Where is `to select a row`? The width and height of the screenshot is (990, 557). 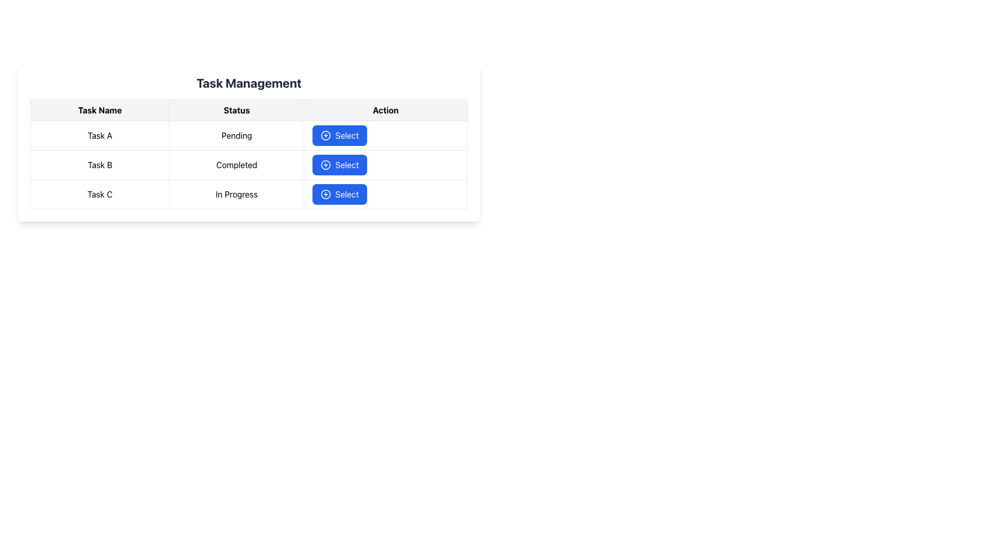
to select a row is located at coordinates (249, 165).